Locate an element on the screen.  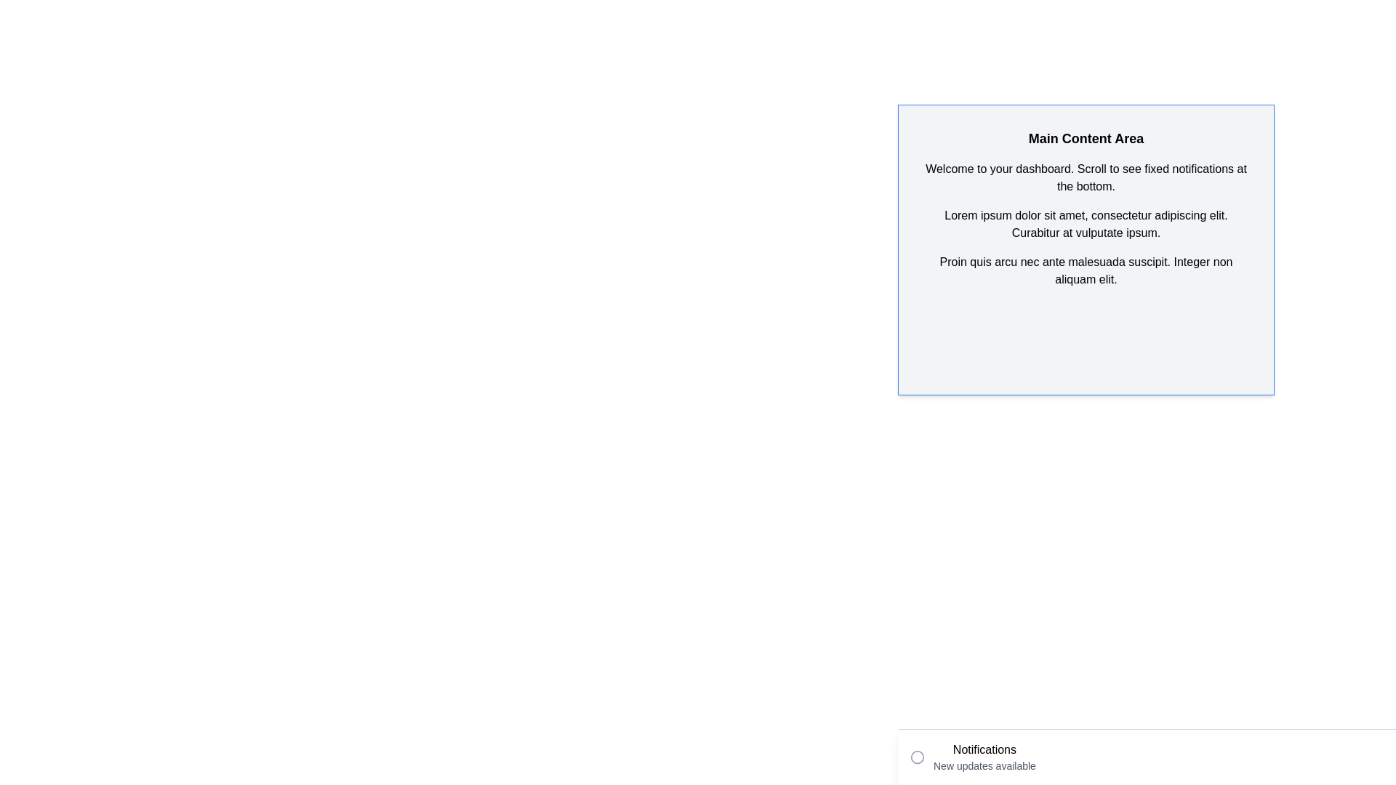
the notification message text label located beneath the 'Notifications' header is located at coordinates (984, 765).